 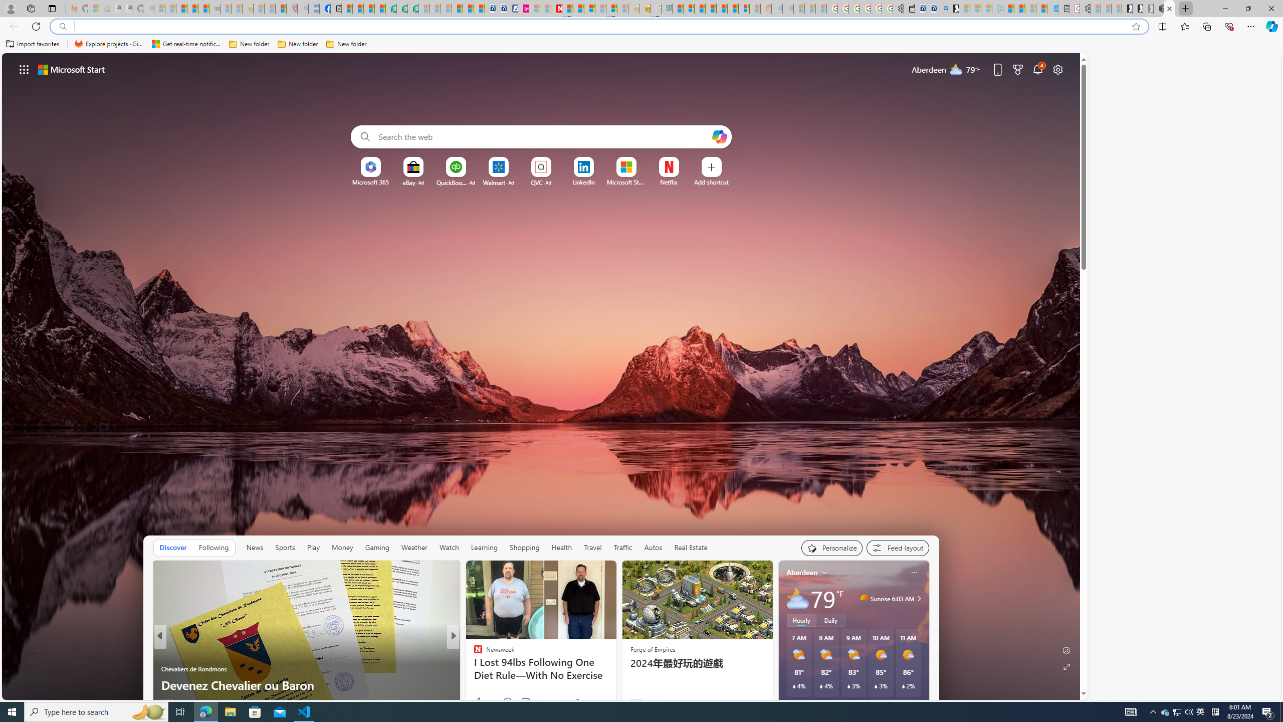 I want to click on 'Constative', so click(x=474, y=653).